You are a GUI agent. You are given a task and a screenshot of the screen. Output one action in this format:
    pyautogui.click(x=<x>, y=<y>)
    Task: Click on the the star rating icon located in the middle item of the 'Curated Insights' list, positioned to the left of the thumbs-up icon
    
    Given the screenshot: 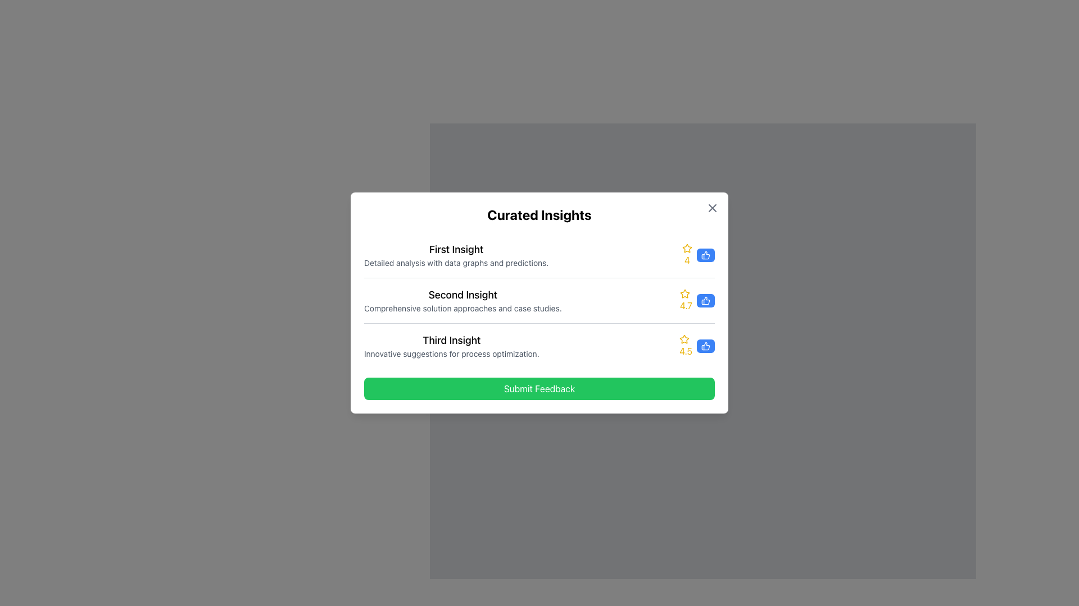 What is the action you would take?
    pyautogui.click(x=684, y=293)
    